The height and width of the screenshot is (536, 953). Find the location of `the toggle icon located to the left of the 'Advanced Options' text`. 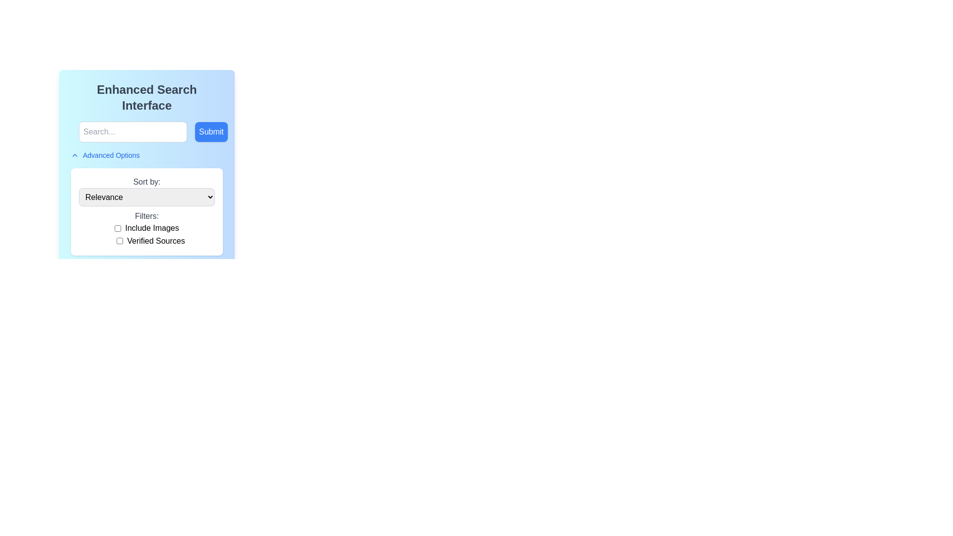

the toggle icon located to the left of the 'Advanced Options' text is located at coordinates (74, 155).